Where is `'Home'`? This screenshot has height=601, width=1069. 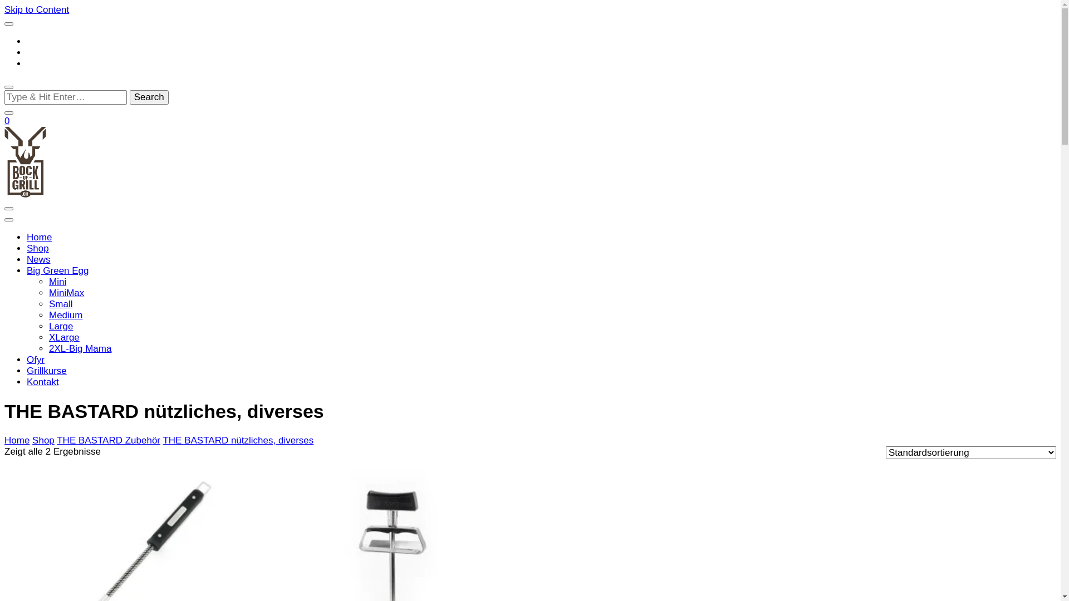
'Home' is located at coordinates (17, 440).